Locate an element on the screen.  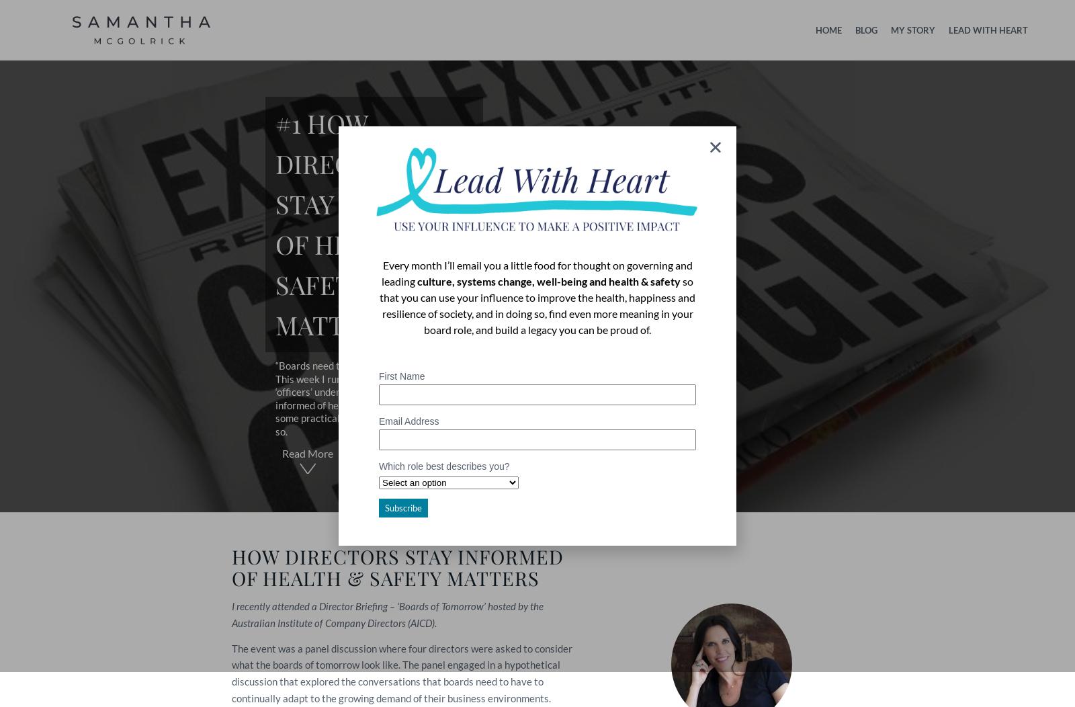
'LEAD WITH HEART' is located at coordinates (949, 30).